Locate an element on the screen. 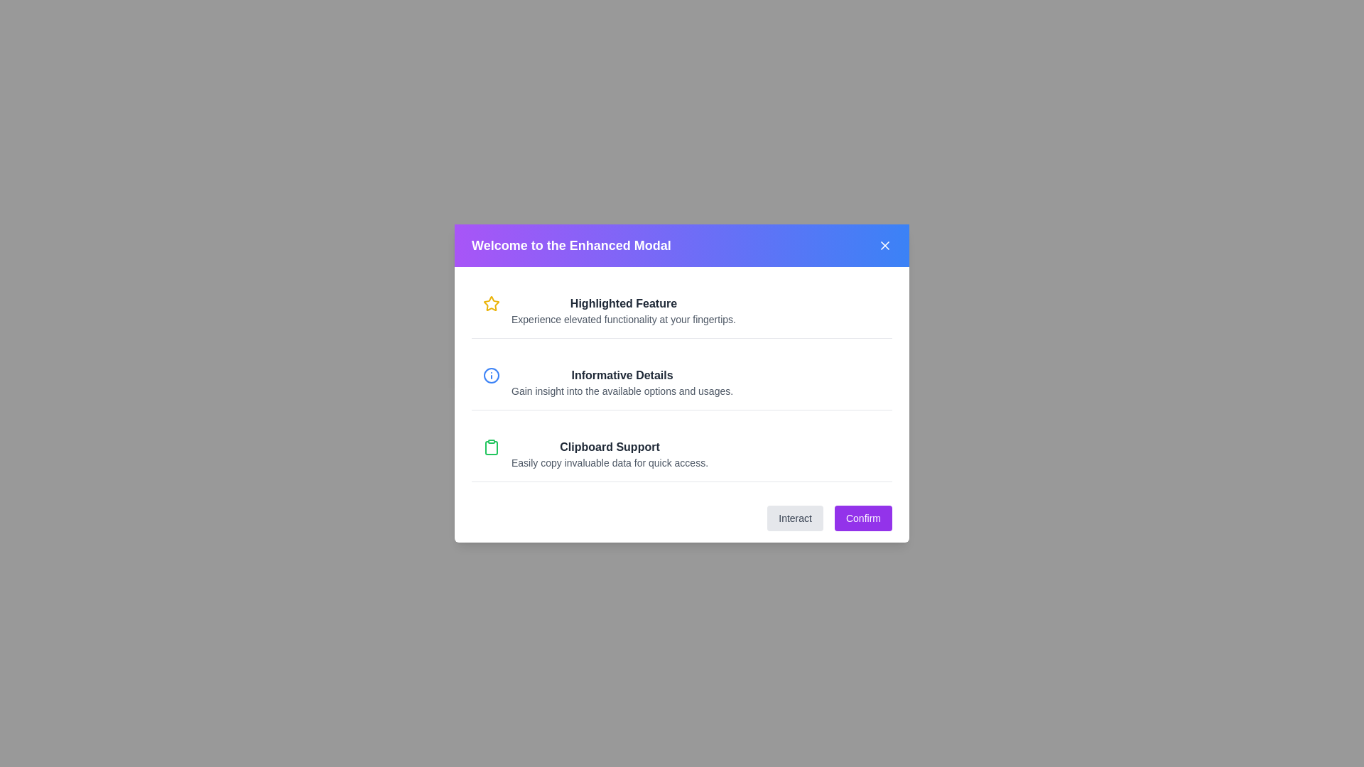 This screenshot has width=1364, height=767. the bold text label 'Highlighted Feature' located centrally below the title 'Welcome to the Enhanced Modal' is located at coordinates (624, 303).